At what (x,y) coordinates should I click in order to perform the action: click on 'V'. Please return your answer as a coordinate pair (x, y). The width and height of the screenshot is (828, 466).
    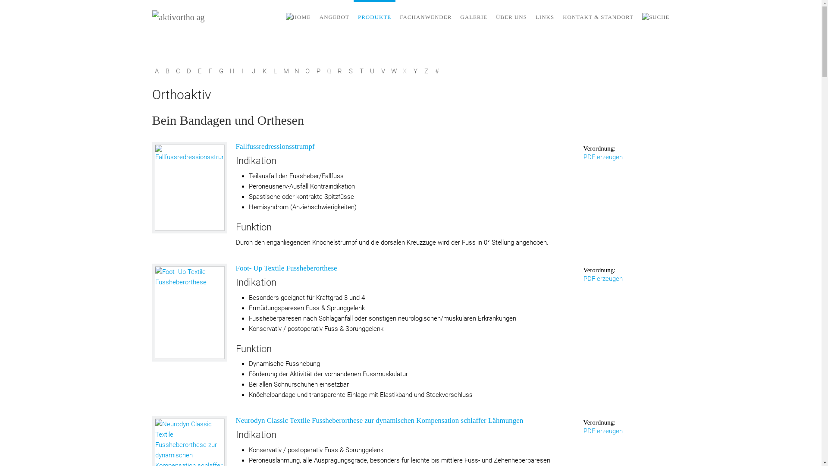
    Looking at the image, I should click on (383, 71).